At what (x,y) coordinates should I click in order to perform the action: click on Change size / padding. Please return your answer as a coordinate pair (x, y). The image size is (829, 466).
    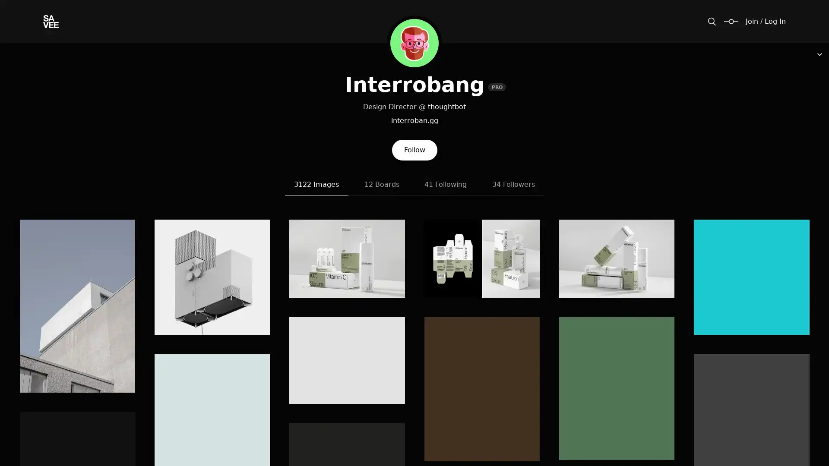
    Looking at the image, I should click on (731, 21).